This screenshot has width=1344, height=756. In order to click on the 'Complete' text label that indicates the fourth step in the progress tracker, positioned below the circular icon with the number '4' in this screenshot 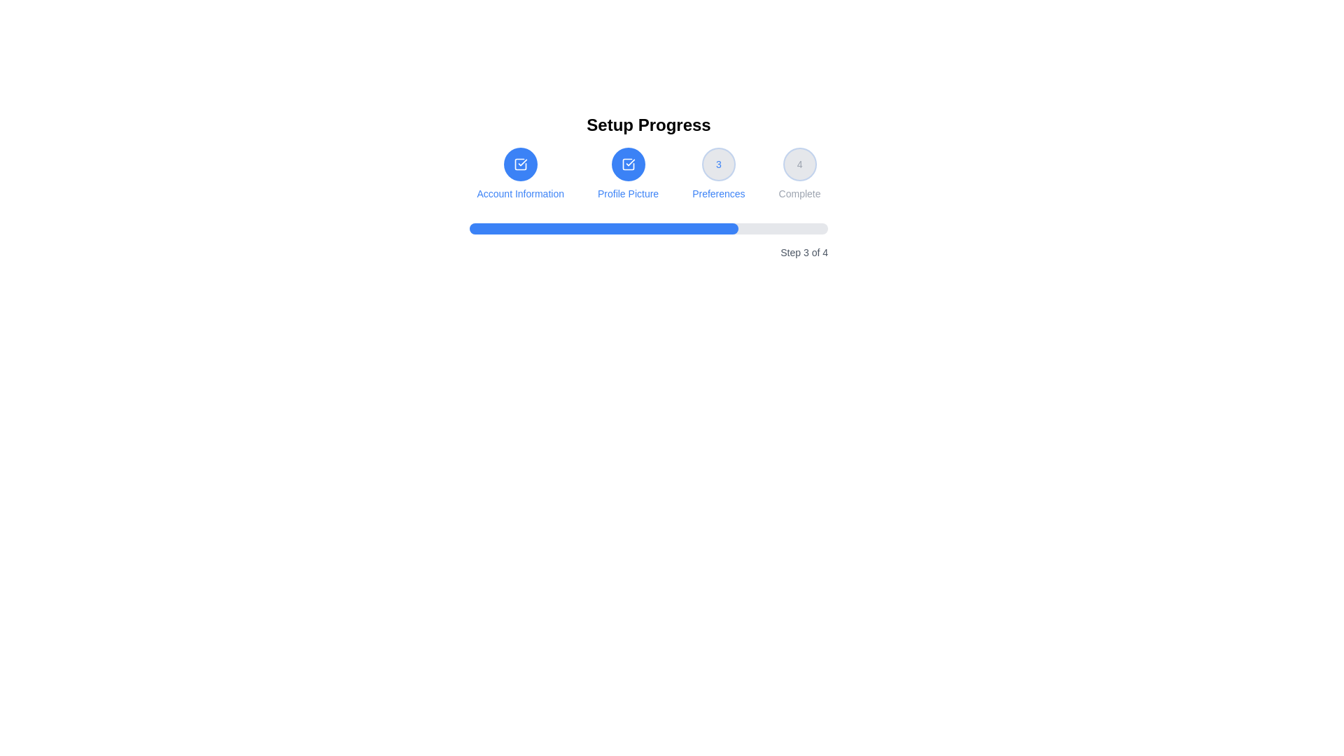, I will do `click(799, 194)`.